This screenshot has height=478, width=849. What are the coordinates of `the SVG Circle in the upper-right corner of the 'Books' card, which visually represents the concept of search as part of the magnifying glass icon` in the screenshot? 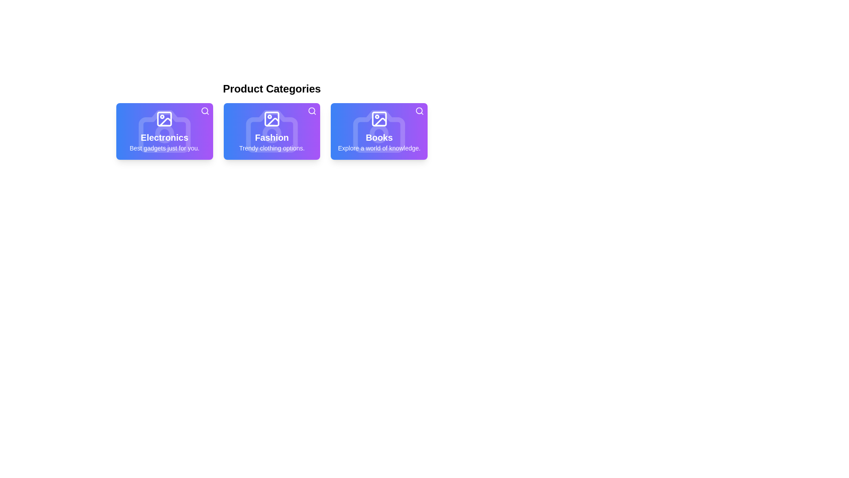 It's located at (419, 110).